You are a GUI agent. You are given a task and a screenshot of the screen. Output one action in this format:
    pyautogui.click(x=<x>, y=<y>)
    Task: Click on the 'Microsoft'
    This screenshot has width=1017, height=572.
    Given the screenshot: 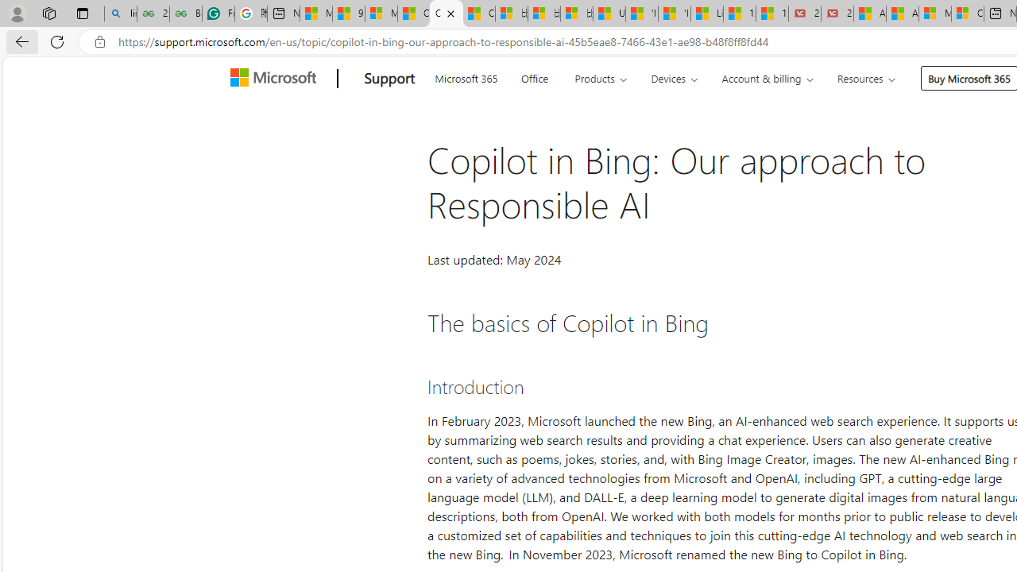 What is the action you would take?
    pyautogui.click(x=276, y=79)
    